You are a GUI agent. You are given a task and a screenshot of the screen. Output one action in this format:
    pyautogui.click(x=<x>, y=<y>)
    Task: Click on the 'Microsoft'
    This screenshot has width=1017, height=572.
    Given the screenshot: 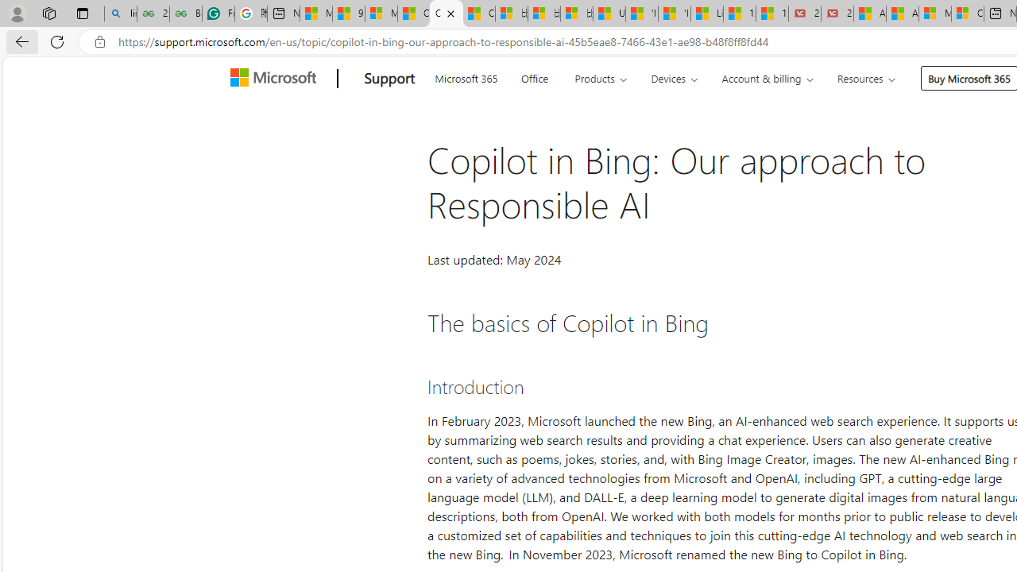 What is the action you would take?
    pyautogui.click(x=276, y=79)
    